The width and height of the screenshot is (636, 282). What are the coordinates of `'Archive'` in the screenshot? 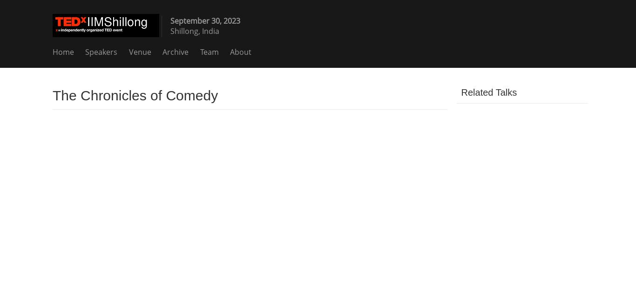 It's located at (175, 51).